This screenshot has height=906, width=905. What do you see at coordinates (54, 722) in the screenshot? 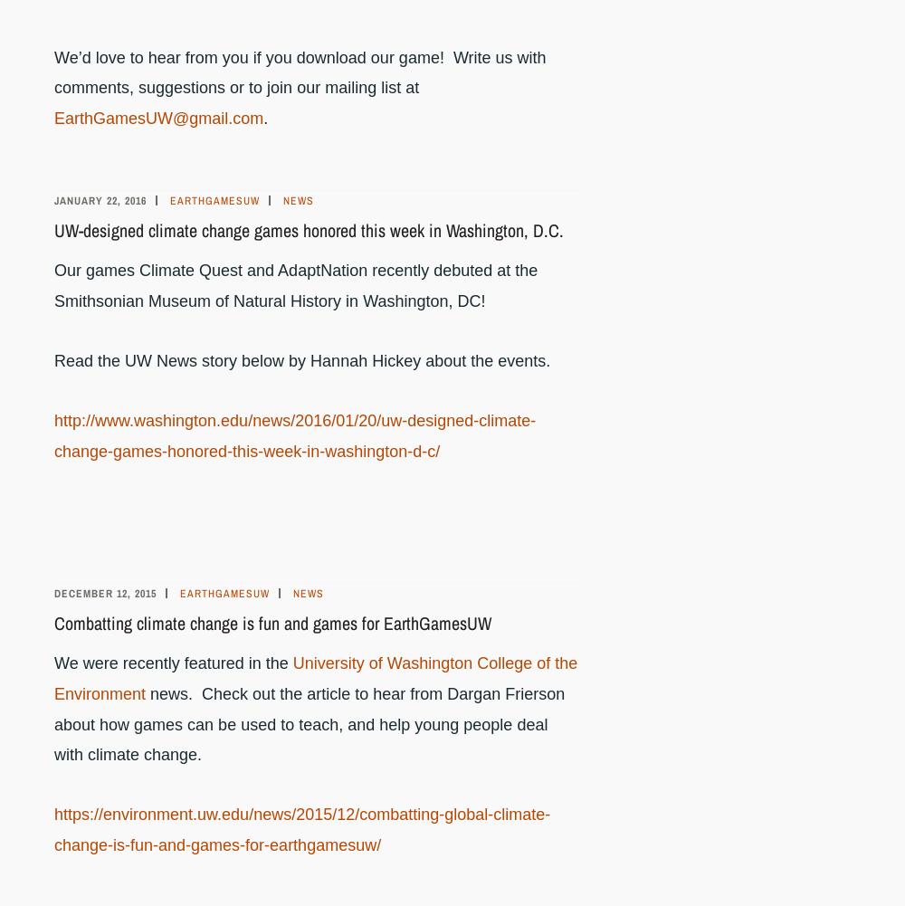
I see `'news.  Check out the article to hear from Dargan Frierson about how games can be used to teach, and help young people deal with climate change.'` at bounding box center [54, 722].